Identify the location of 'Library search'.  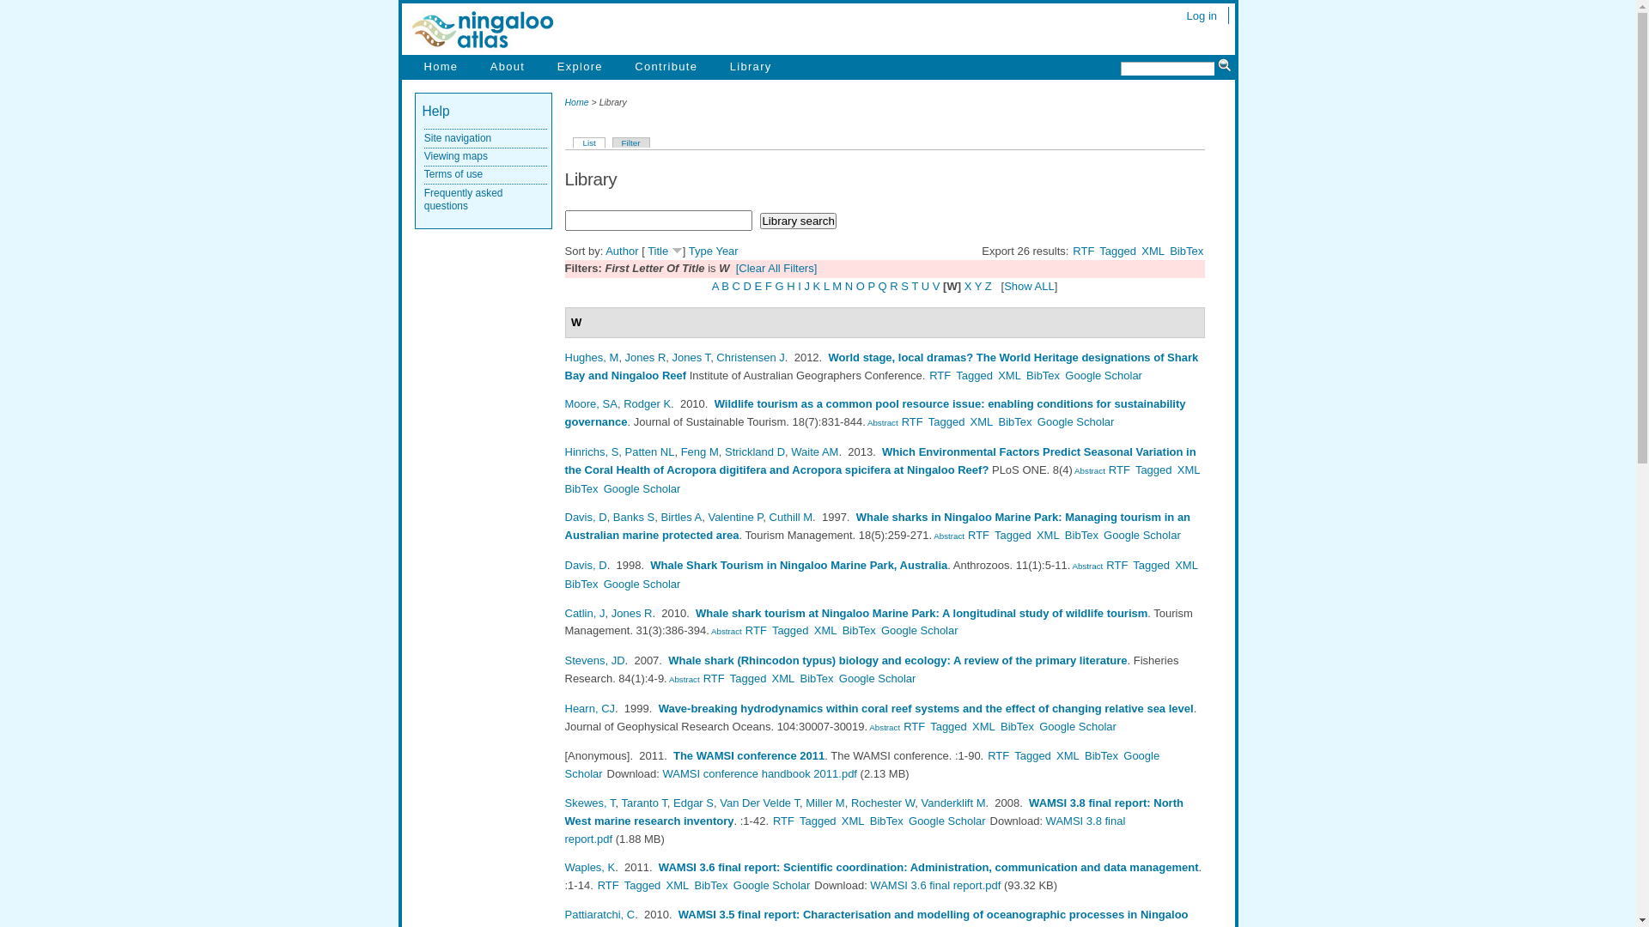
(797, 220).